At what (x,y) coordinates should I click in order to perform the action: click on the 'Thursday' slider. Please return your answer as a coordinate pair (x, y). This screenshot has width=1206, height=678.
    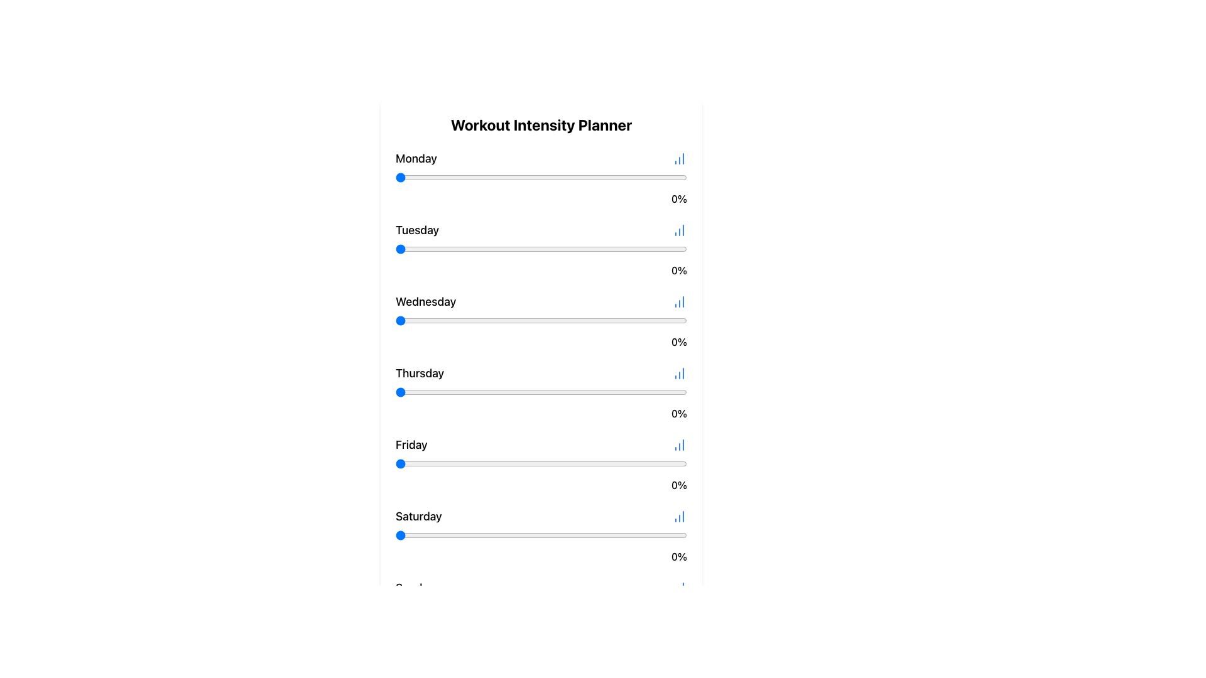
    Looking at the image, I should click on (587, 391).